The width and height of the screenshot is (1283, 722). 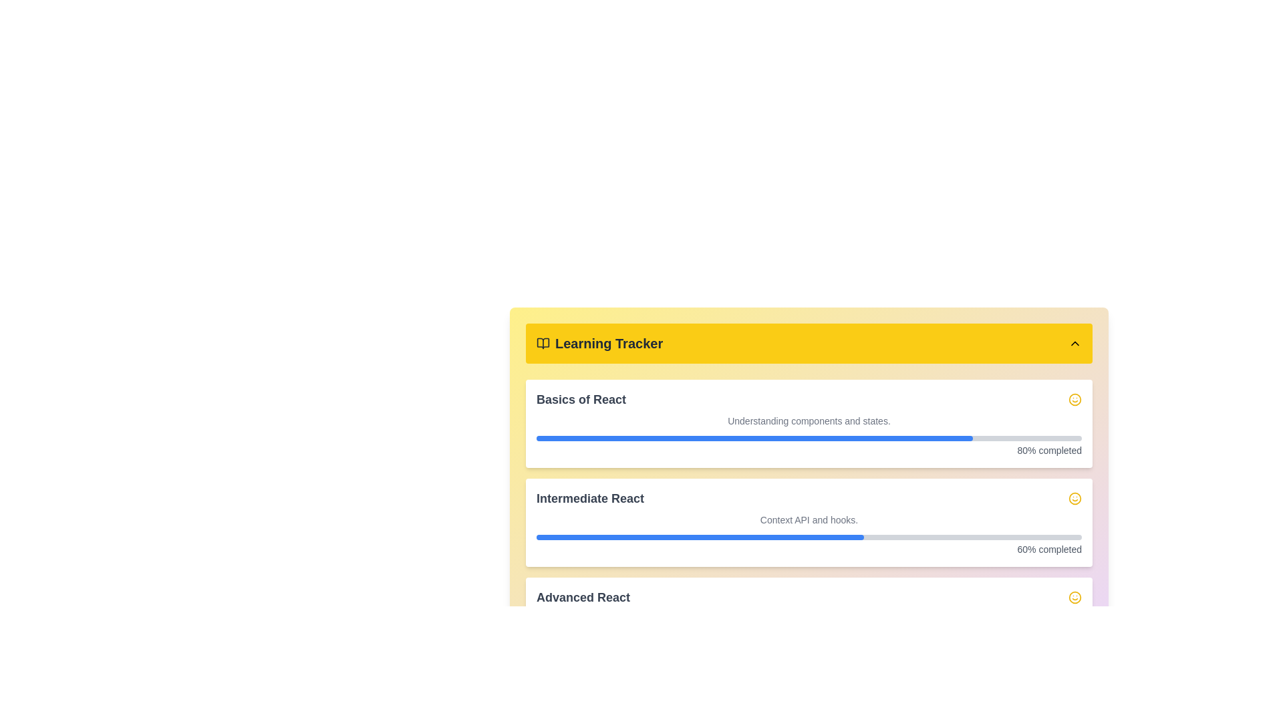 What do you see at coordinates (1075, 597) in the screenshot?
I see `the positivity or satisfaction indicator icon located to the right of the 'Advanced React' title text` at bounding box center [1075, 597].